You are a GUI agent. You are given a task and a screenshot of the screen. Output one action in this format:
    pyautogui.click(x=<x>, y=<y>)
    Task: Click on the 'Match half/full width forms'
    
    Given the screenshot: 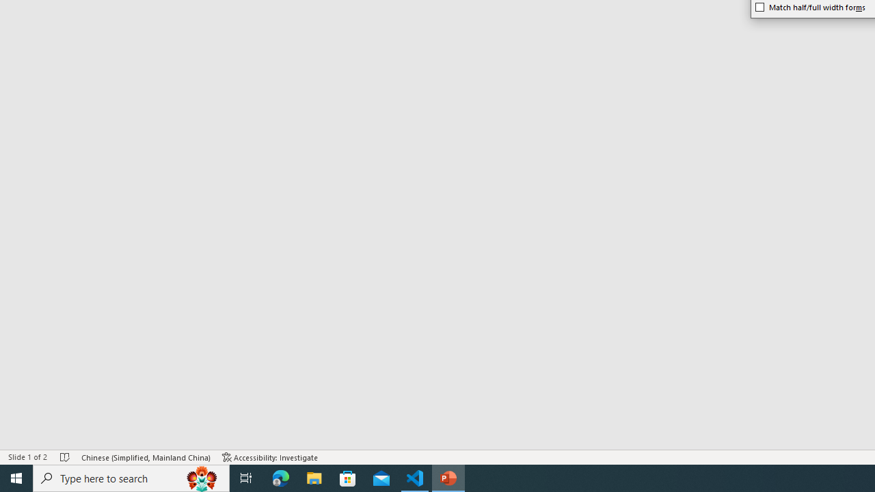 What is the action you would take?
    pyautogui.click(x=811, y=7)
    